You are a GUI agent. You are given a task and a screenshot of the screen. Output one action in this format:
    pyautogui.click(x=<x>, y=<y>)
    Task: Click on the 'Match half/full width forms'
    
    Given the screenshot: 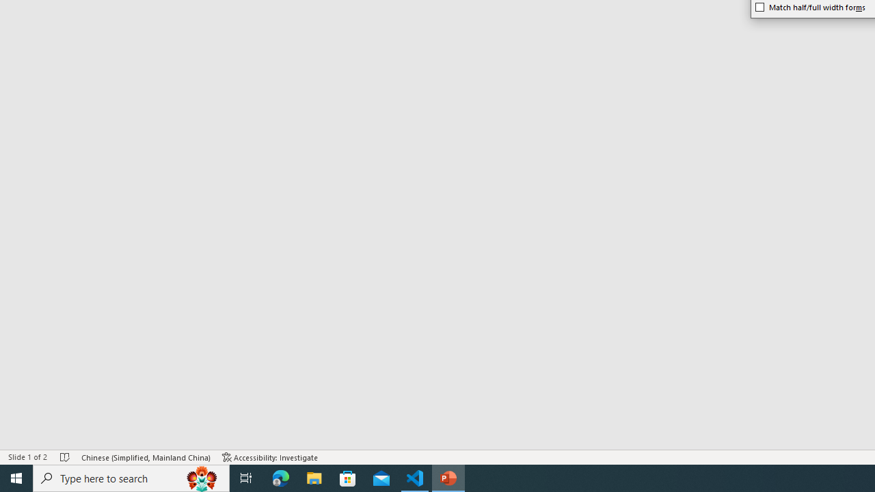 What is the action you would take?
    pyautogui.click(x=811, y=7)
    